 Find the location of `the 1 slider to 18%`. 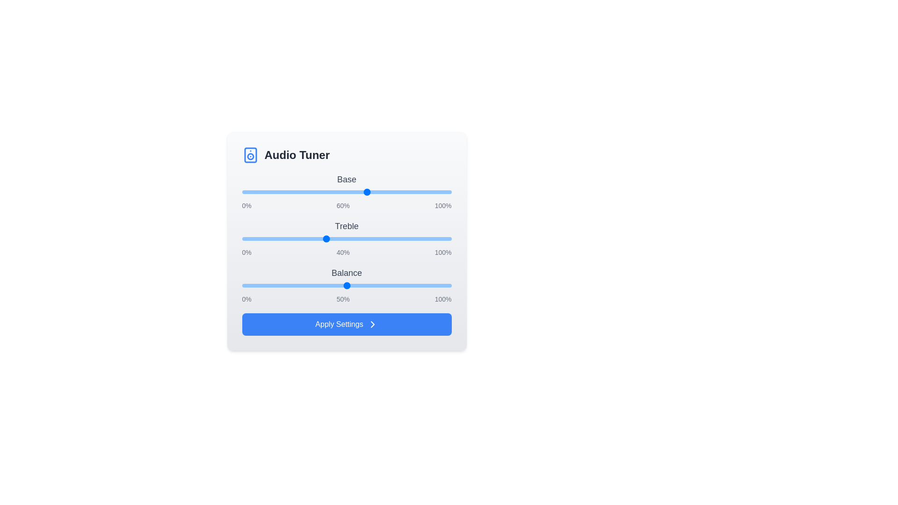

the 1 slider to 18% is located at coordinates (279, 238).